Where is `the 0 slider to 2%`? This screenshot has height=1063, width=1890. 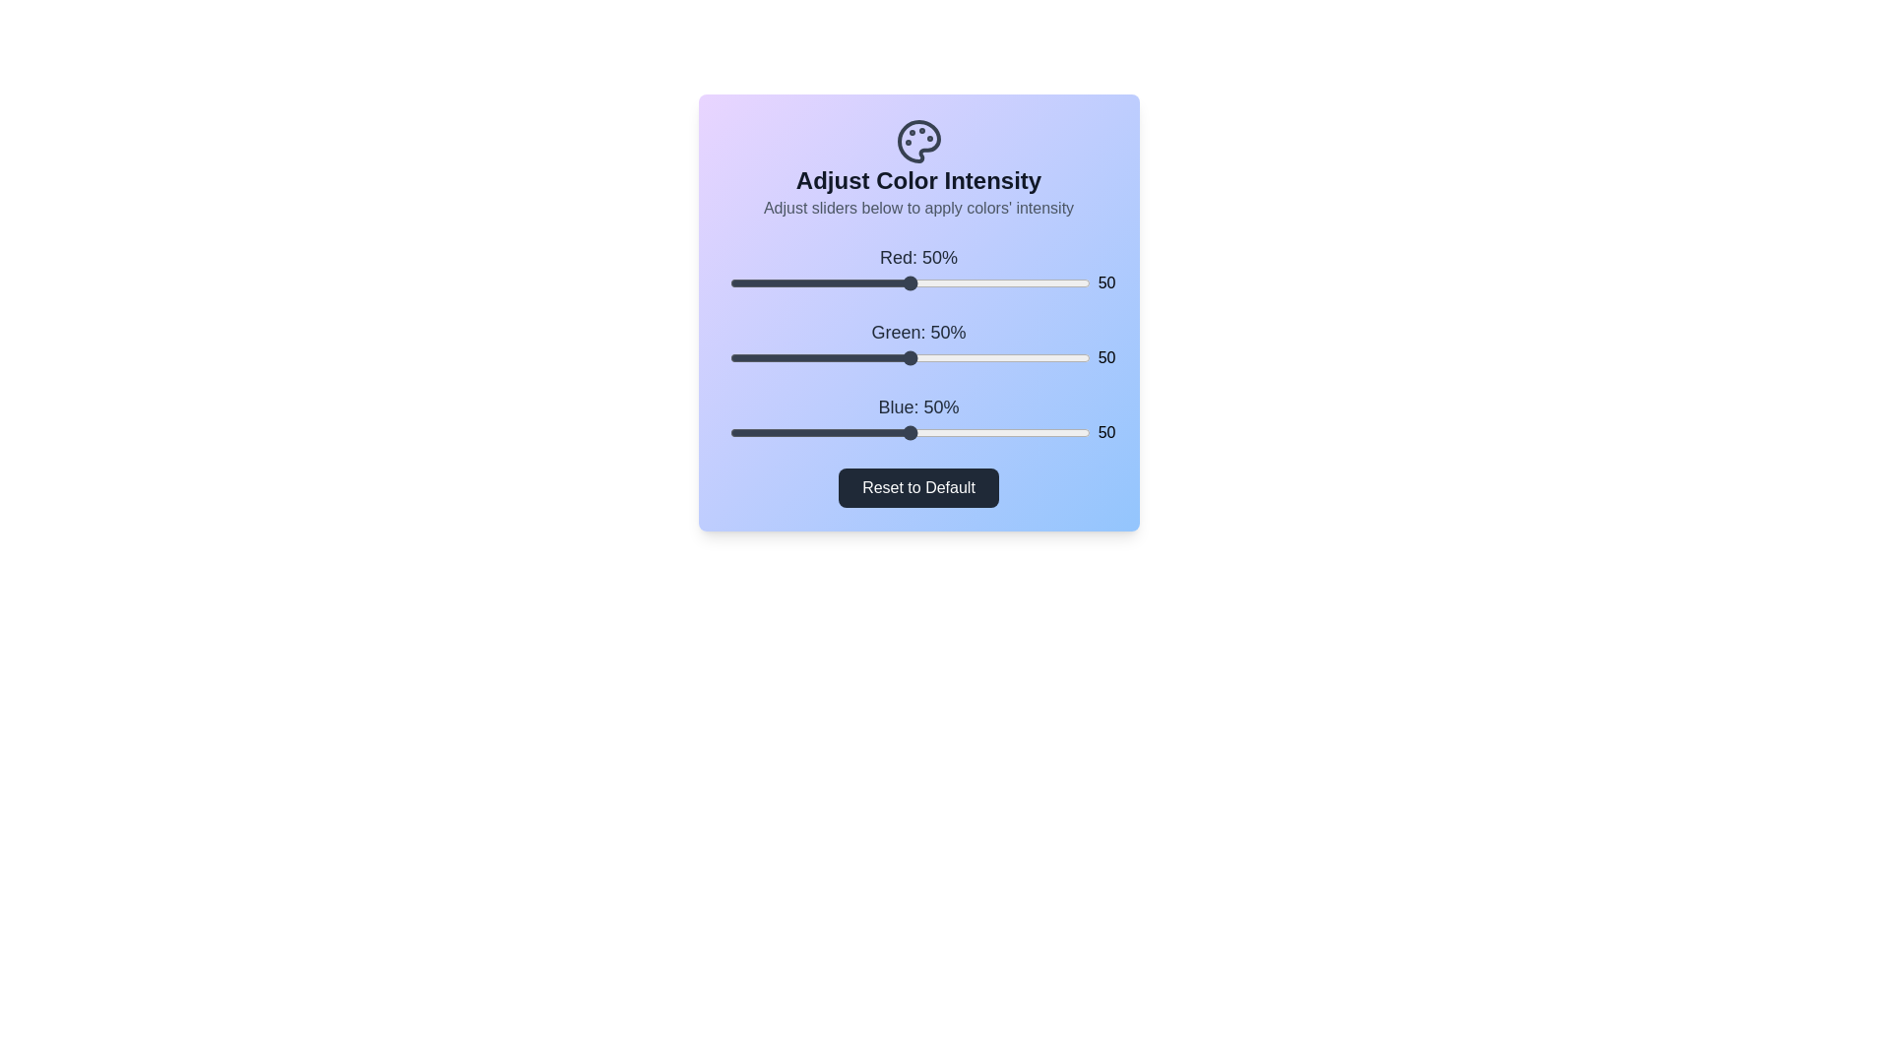
the 0 slider to 2% is located at coordinates (735, 283).